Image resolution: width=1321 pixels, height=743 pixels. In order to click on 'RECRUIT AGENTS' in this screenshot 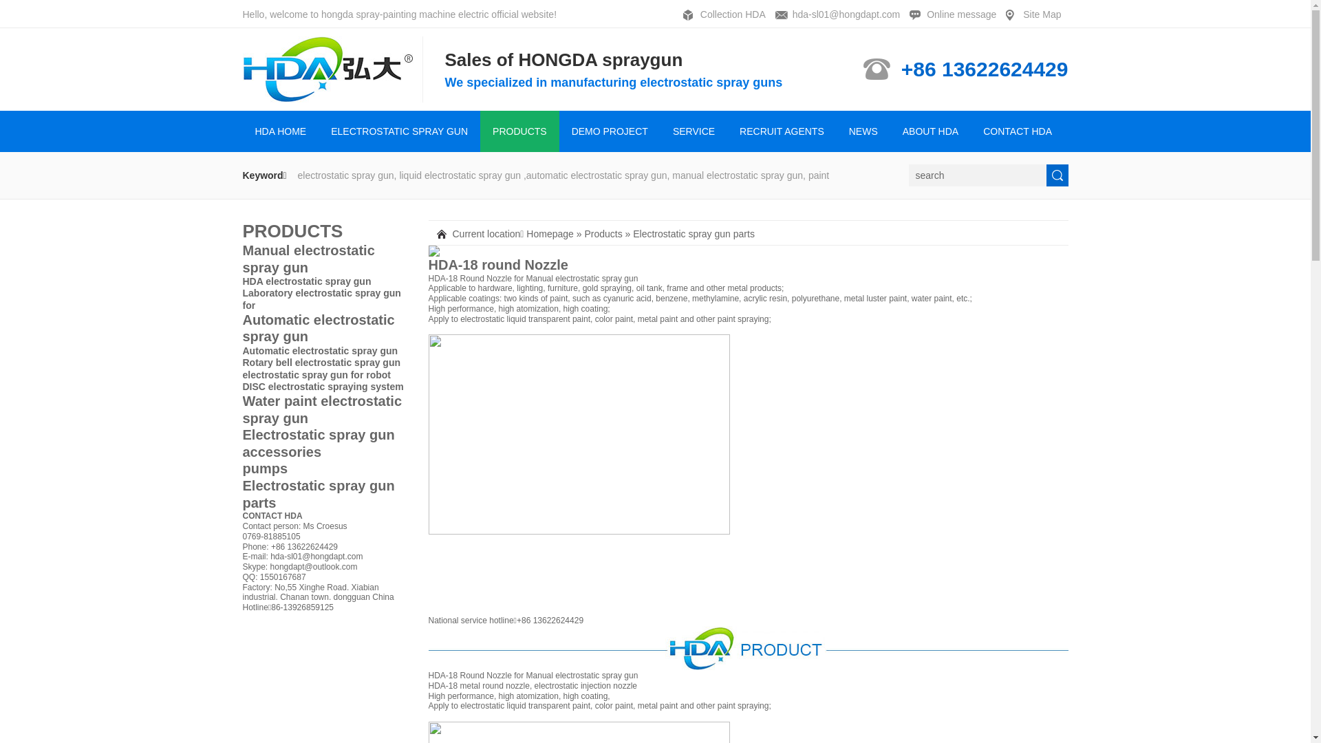, I will do `click(782, 131)`.